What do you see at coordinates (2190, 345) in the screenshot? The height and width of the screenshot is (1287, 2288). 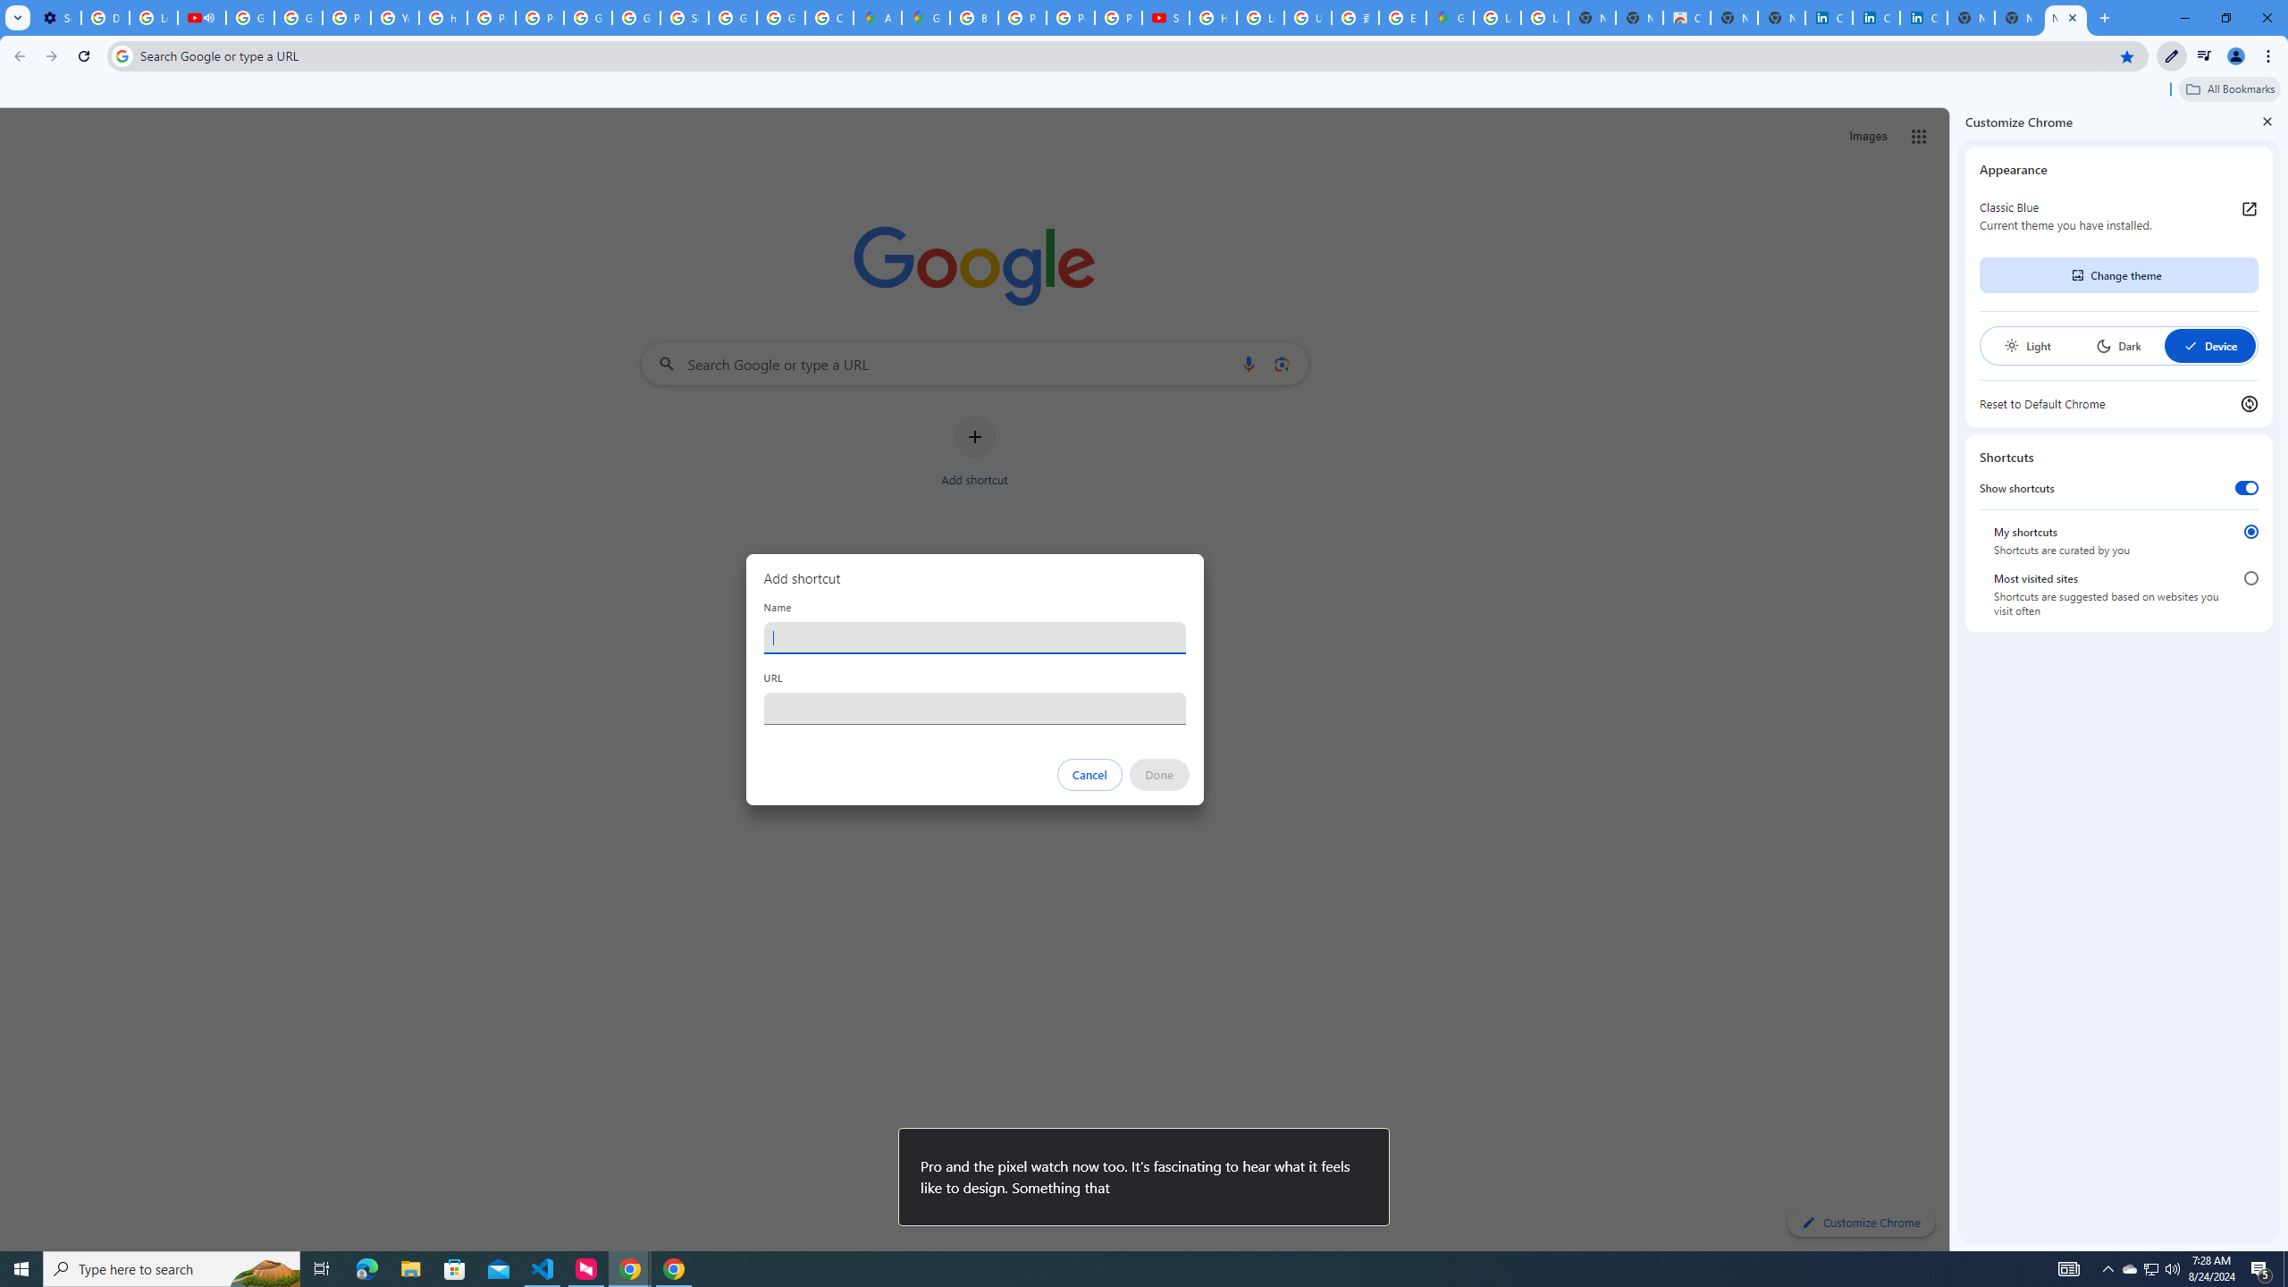 I see `'AutomationID: baseSvg'` at bounding box center [2190, 345].